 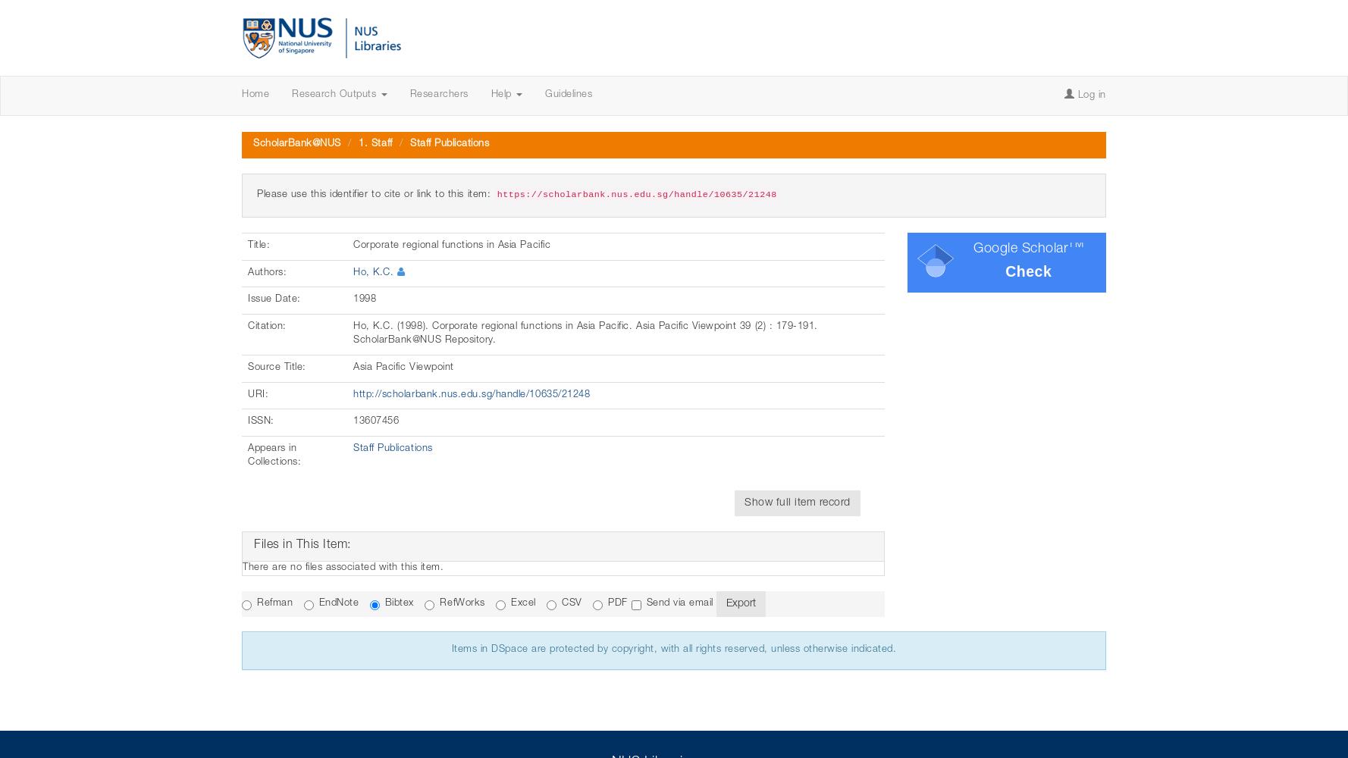 What do you see at coordinates (461, 603) in the screenshot?
I see `'RefWorks'` at bounding box center [461, 603].